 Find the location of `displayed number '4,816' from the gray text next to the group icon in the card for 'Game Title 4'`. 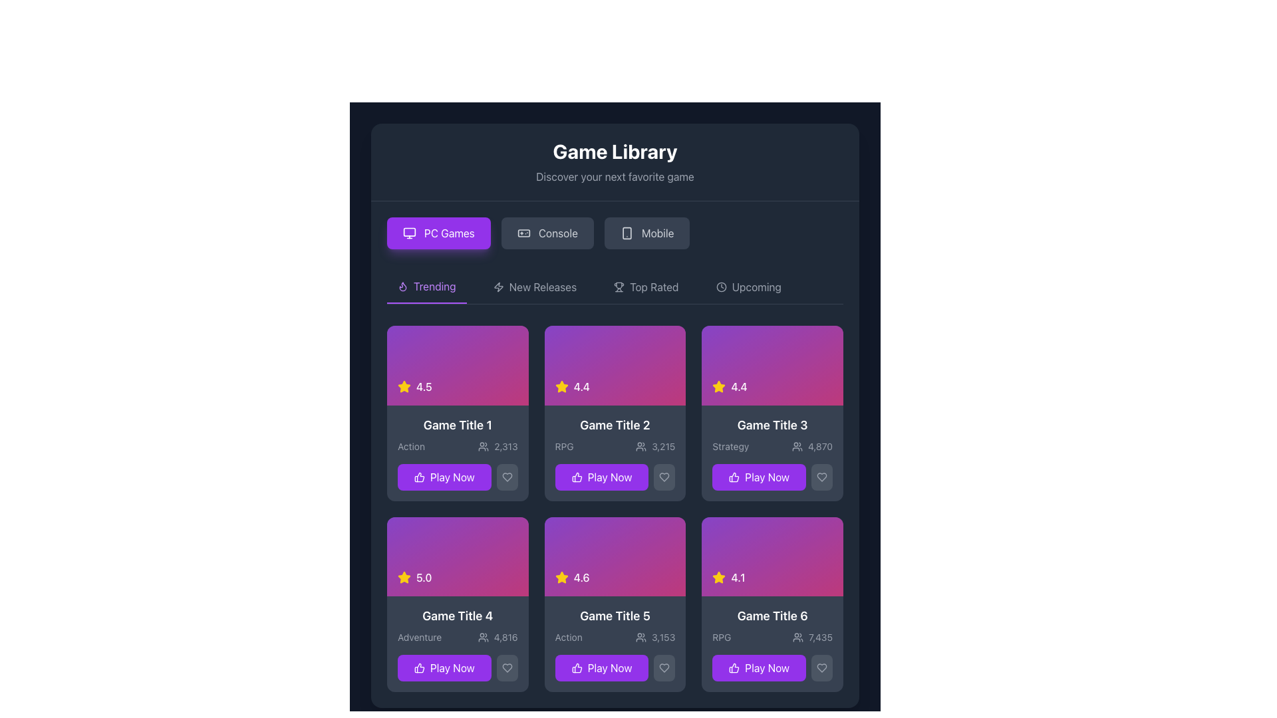

displayed number '4,816' from the gray text next to the group icon in the card for 'Game Title 4' is located at coordinates (505, 637).